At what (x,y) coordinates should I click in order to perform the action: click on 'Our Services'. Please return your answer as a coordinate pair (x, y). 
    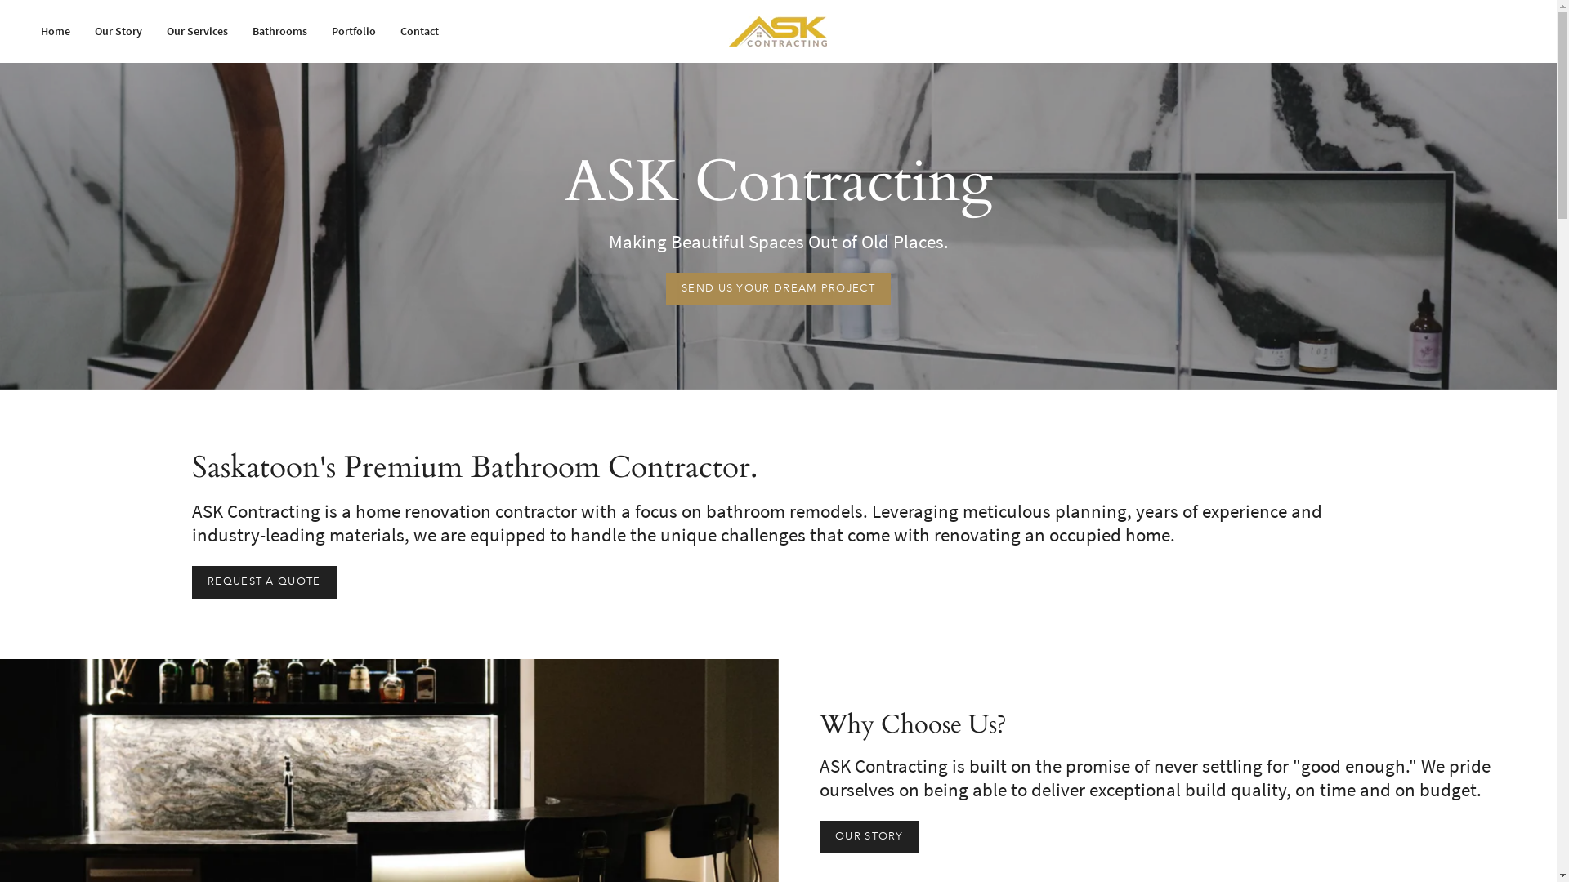
    Looking at the image, I should click on (196, 31).